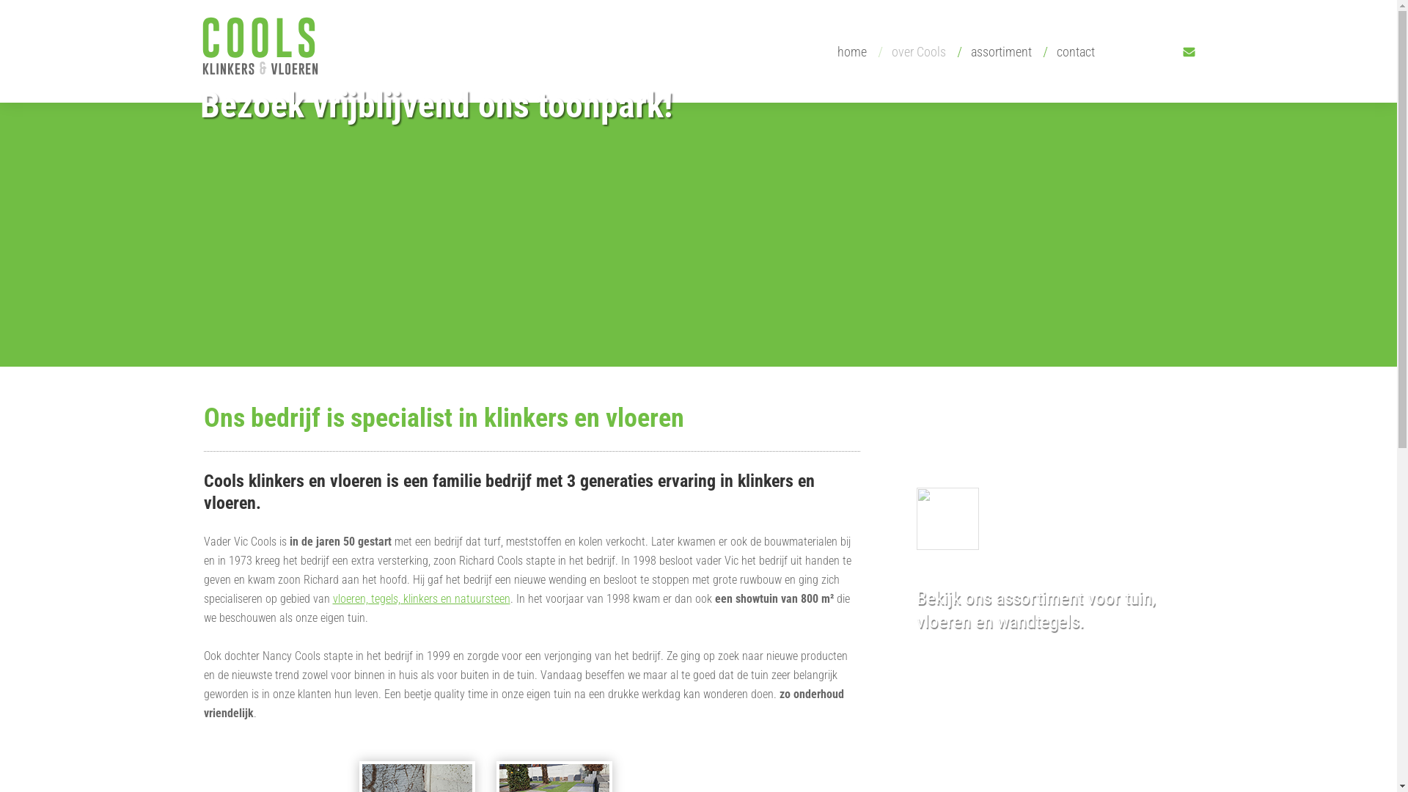  What do you see at coordinates (914, 51) in the screenshot?
I see `'over Cools'` at bounding box center [914, 51].